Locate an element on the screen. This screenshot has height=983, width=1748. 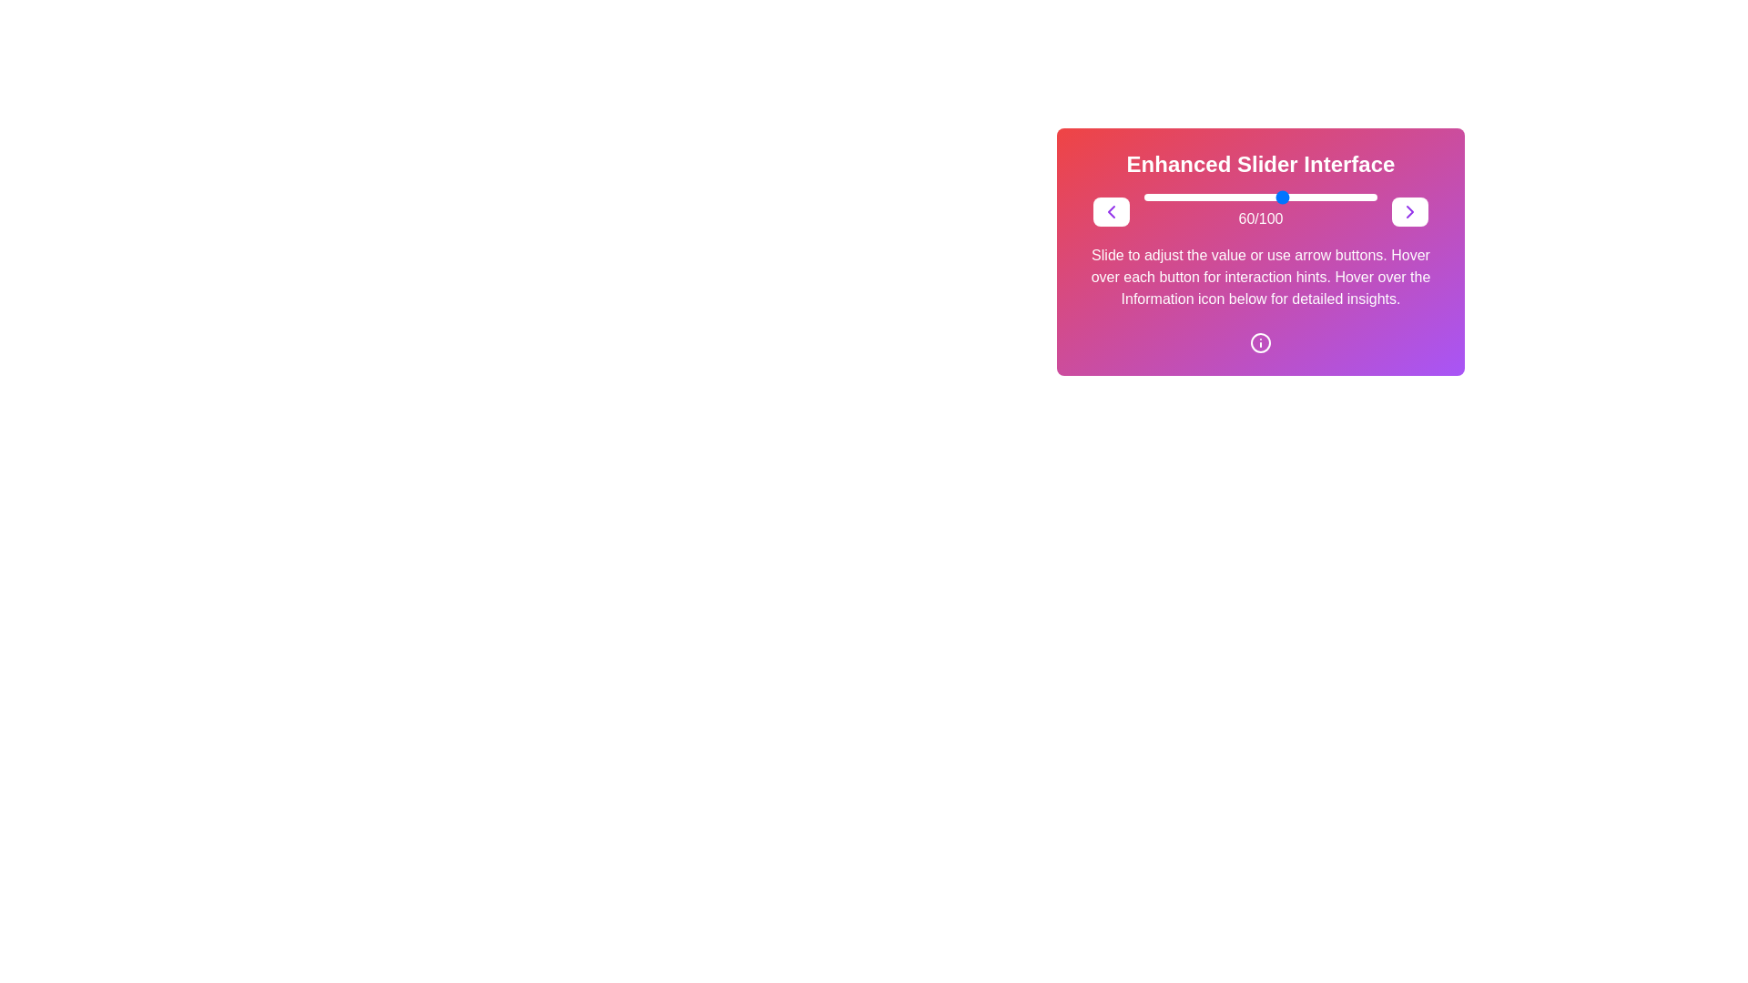
the slider is located at coordinates (1200, 197).